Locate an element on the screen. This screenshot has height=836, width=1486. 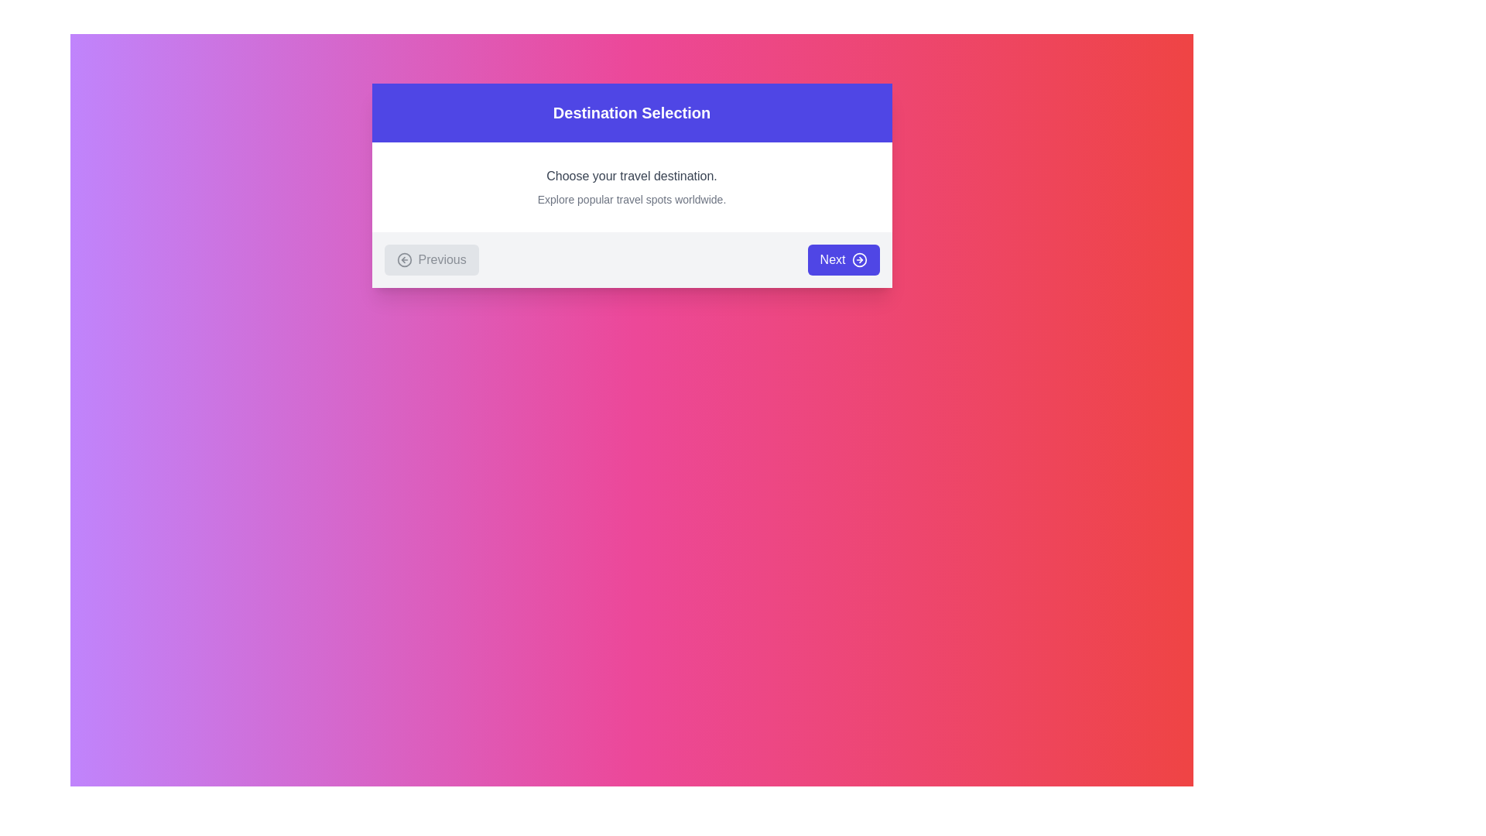
the decorative SVG circle that is part of the 'Previous' button's visual design located in the bottom-left of the modal interface is located at coordinates (404, 259).